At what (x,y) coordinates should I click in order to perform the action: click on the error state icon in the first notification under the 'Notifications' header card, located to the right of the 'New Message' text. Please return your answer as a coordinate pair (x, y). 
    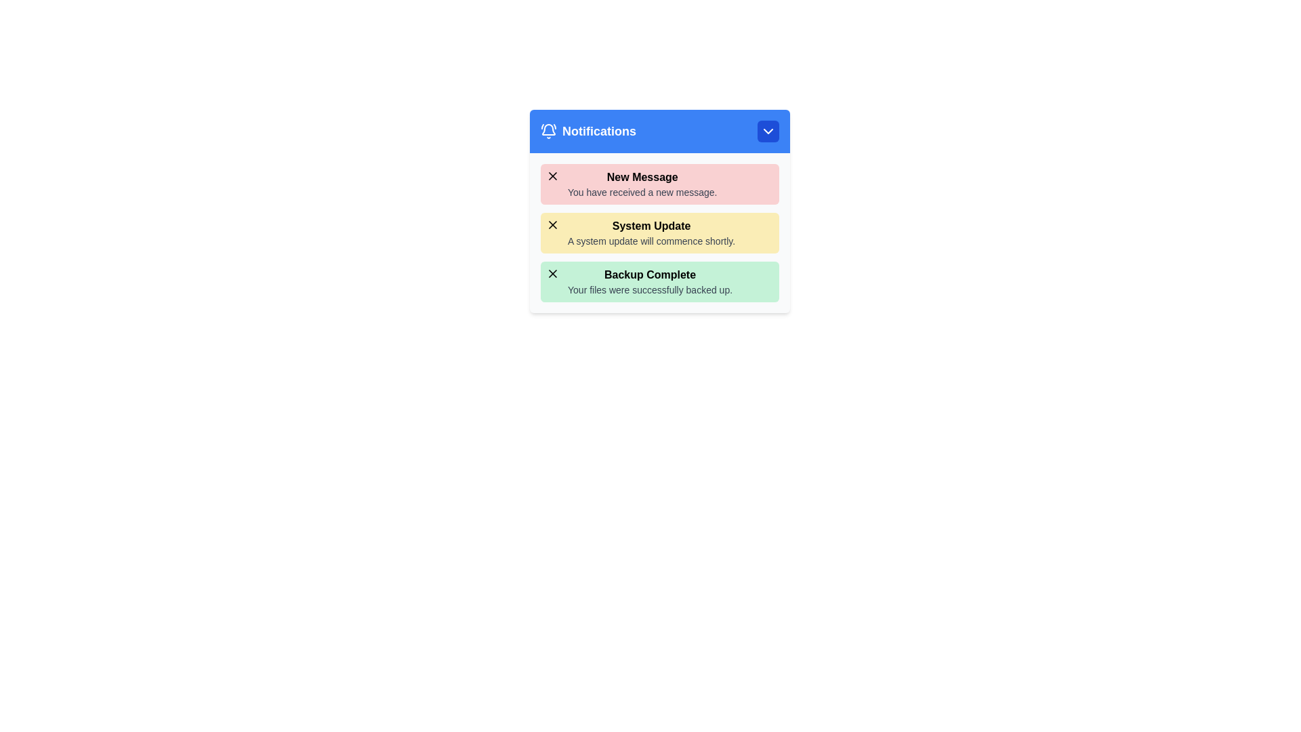
    Looking at the image, I should click on (553, 175).